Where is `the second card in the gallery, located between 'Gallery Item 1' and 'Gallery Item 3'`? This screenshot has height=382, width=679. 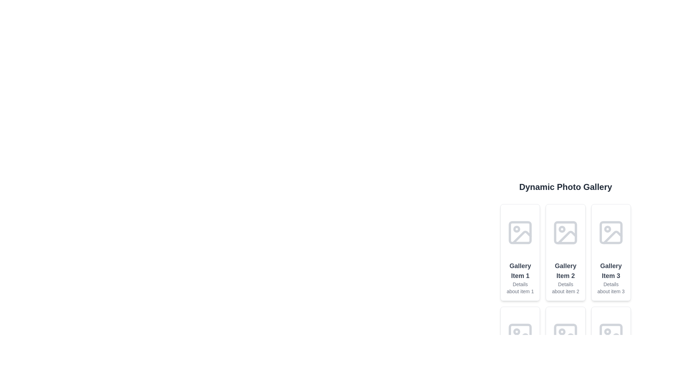
the second card in the gallery, located between 'Gallery Item 1' and 'Gallery Item 3' is located at coordinates (565, 252).